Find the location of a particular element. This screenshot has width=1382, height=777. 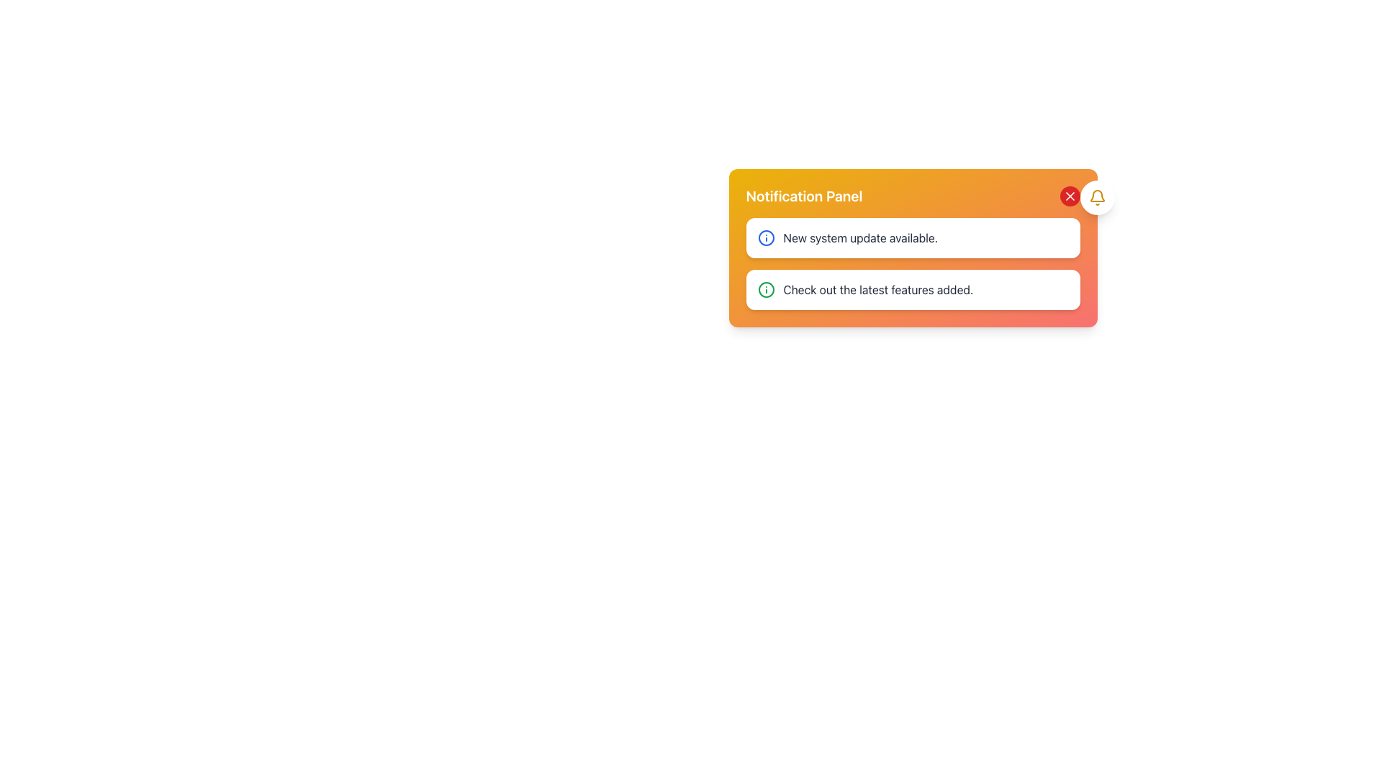

the Notification Panel to interact with its content, which includes notifications displayed in rounded boxes with icons is located at coordinates (912, 247).